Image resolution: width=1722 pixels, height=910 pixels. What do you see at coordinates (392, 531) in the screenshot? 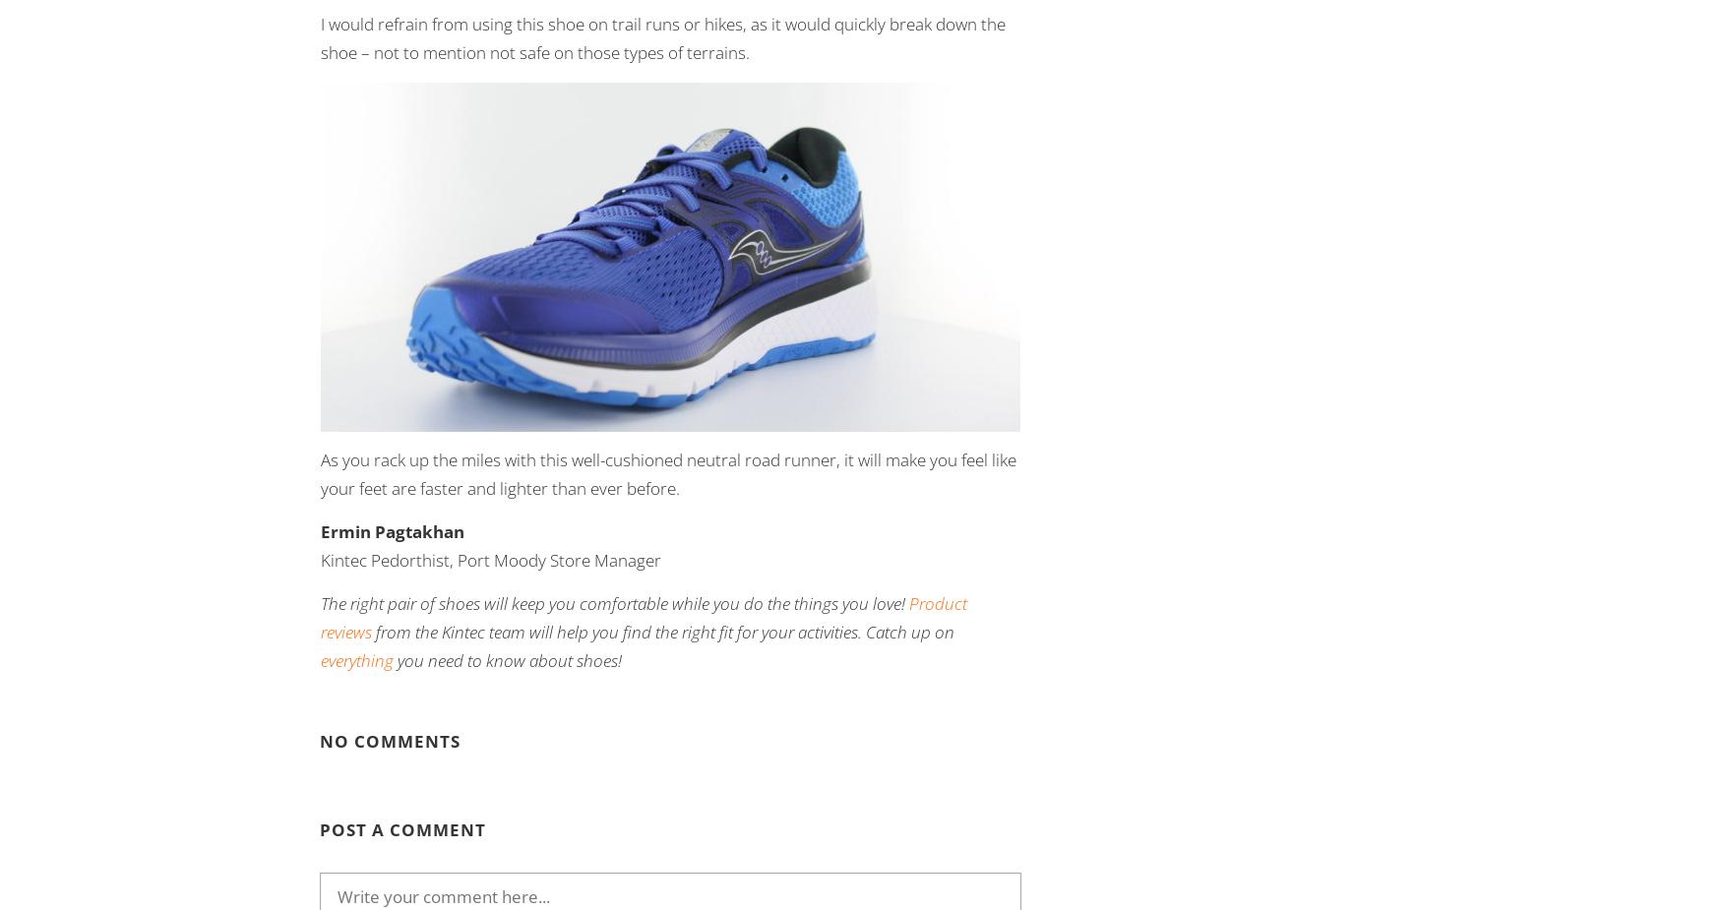
I see `'Ermin Pagtakhan'` at bounding box center [392, 531].